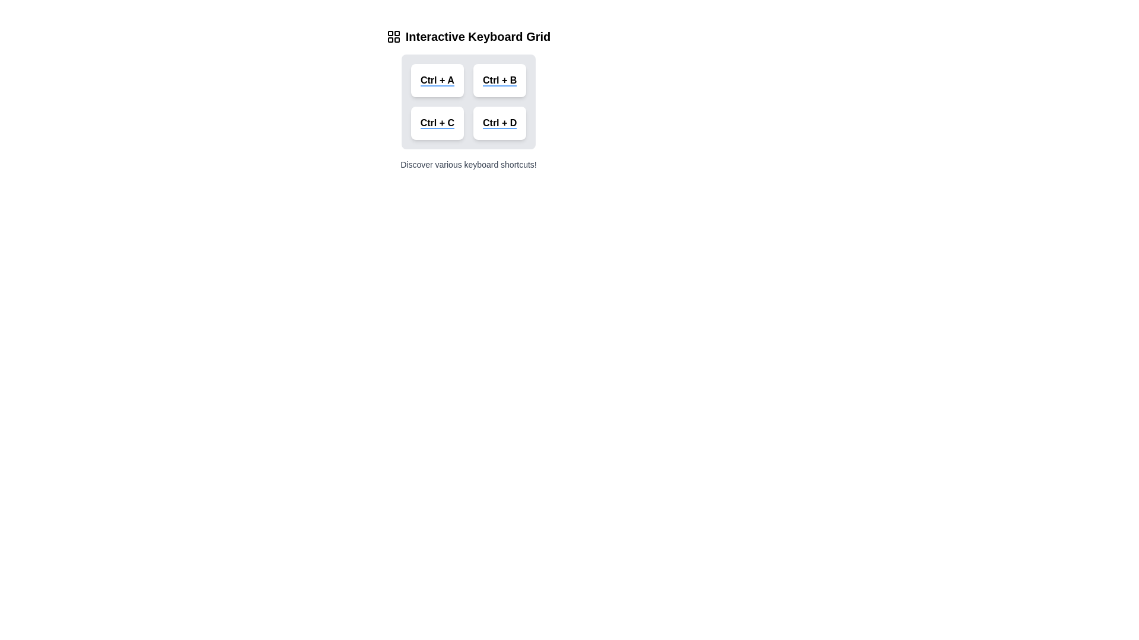 This screenshot has width=1139, height=640. I want to click on the Text label indicating the keyboard shortcut 'Ctrl + B' for bold text formatting, located in the top-right quadrant of the grid layout of keyboard shortcuts, so click(499, 80).